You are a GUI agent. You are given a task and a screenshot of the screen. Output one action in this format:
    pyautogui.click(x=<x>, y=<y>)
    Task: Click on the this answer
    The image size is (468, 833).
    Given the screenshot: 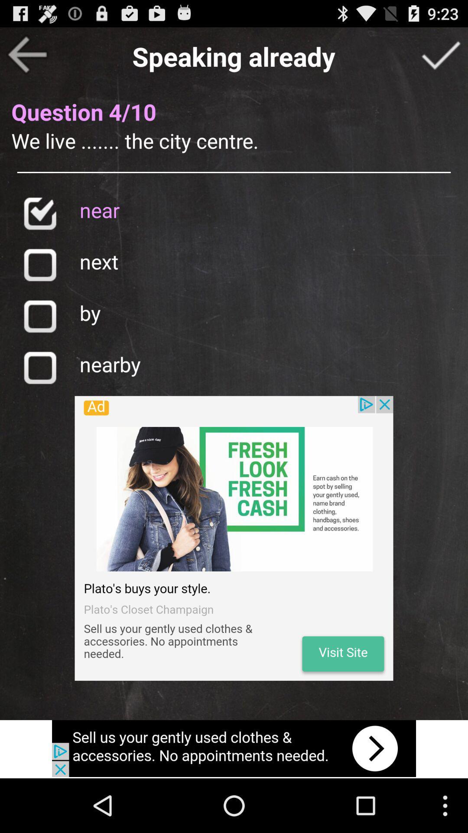 What is the action you would take?
    pyautogui.click(x=39, y=264)
    